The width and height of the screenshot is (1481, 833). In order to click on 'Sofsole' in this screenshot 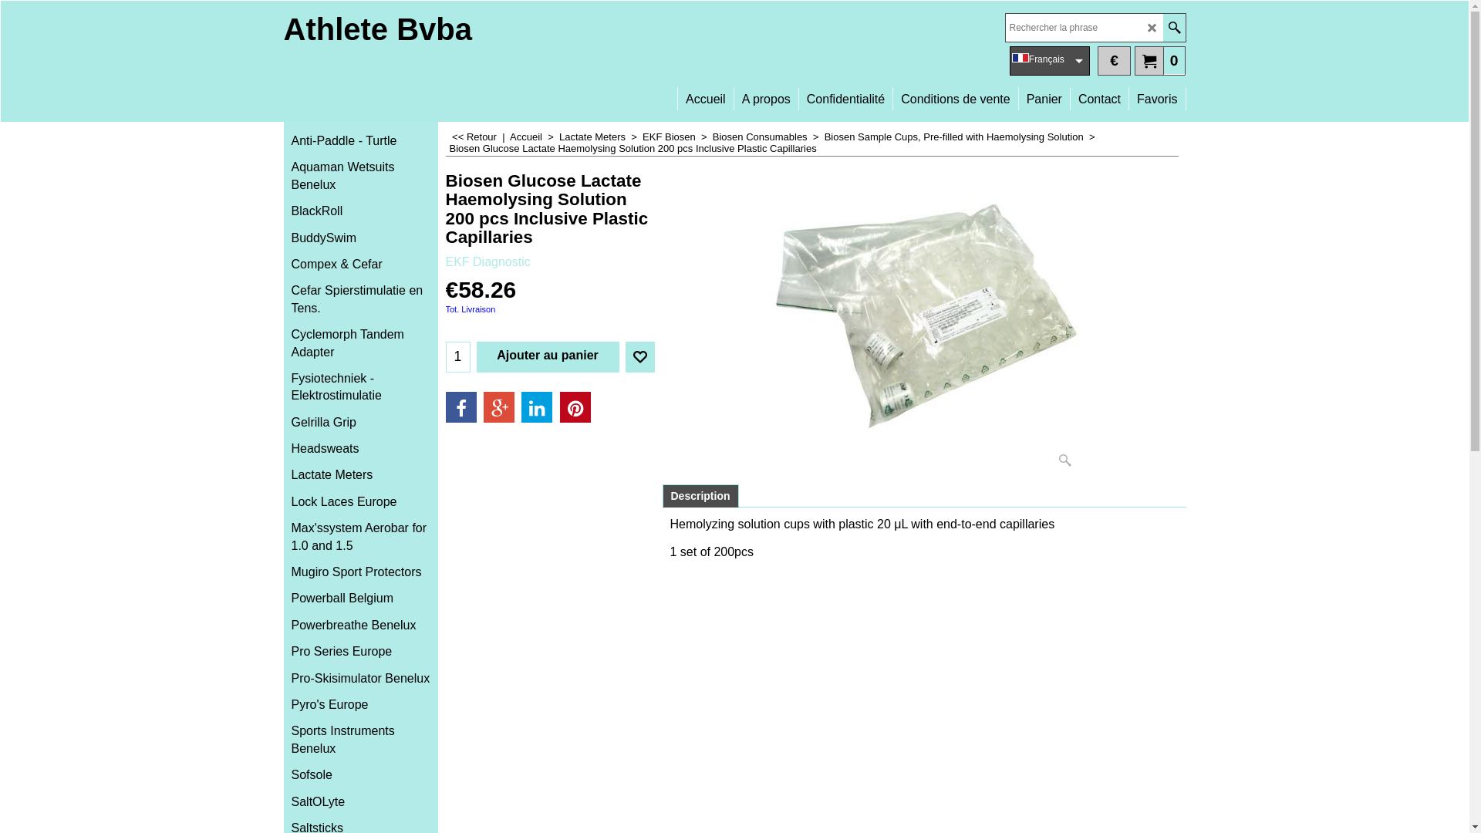, I will do `click(360, 775)`.